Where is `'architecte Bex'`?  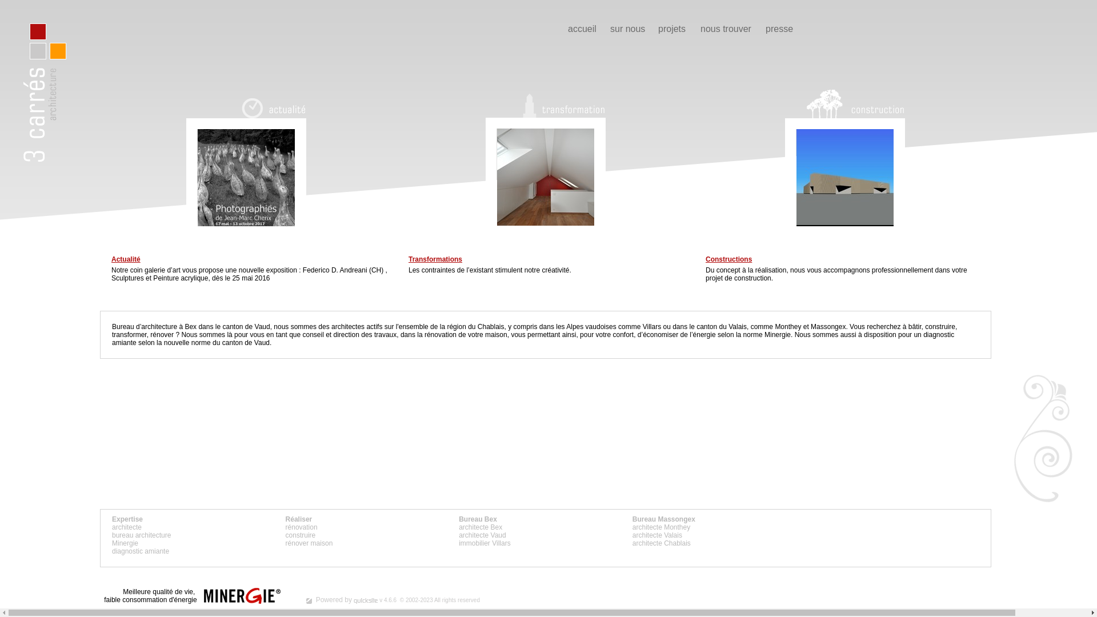
'architecte Bex' is located at coordinates (480, 527).